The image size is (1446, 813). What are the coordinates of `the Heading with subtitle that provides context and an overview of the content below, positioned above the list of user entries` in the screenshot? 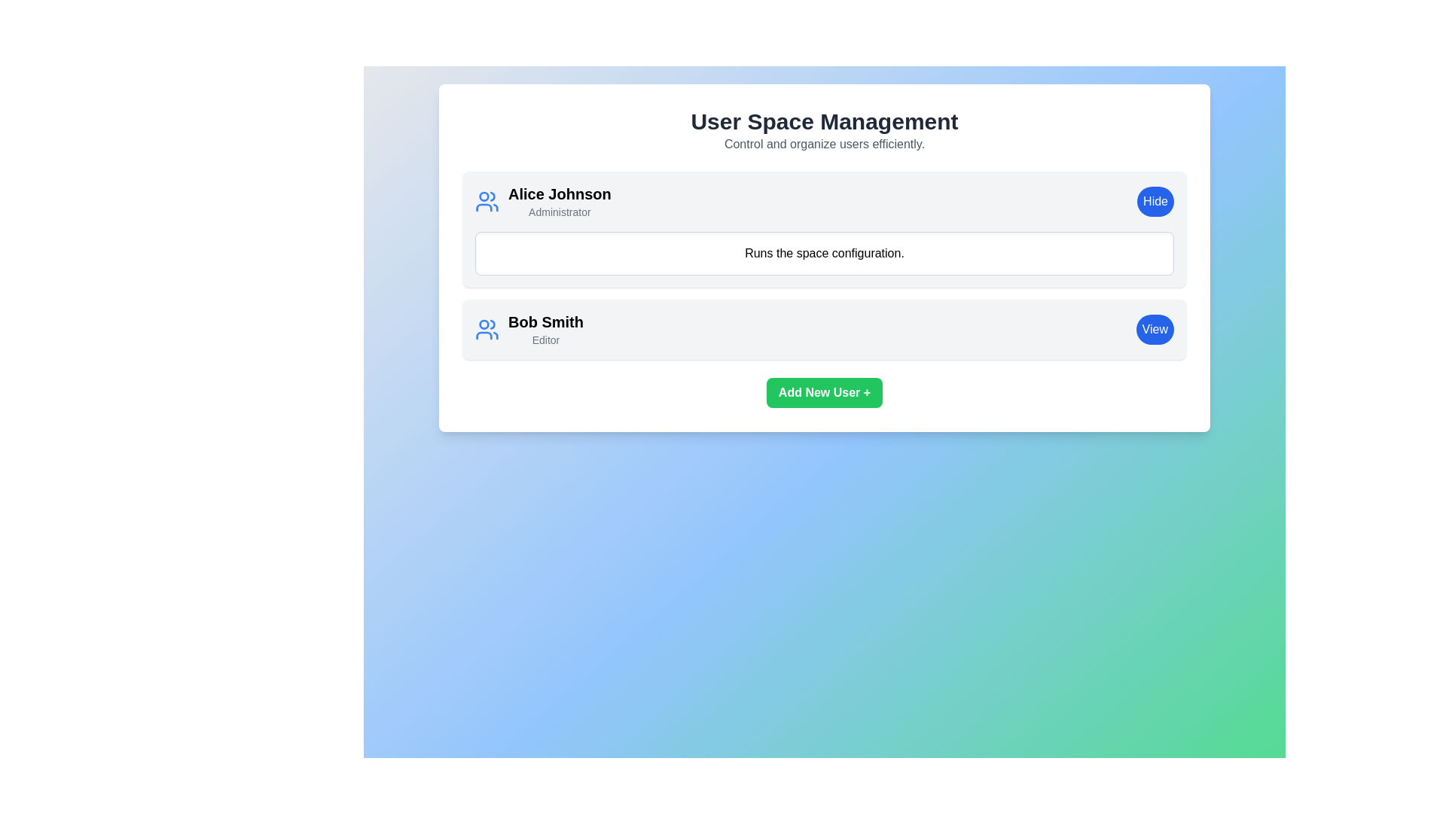 It's located at (823, 129).